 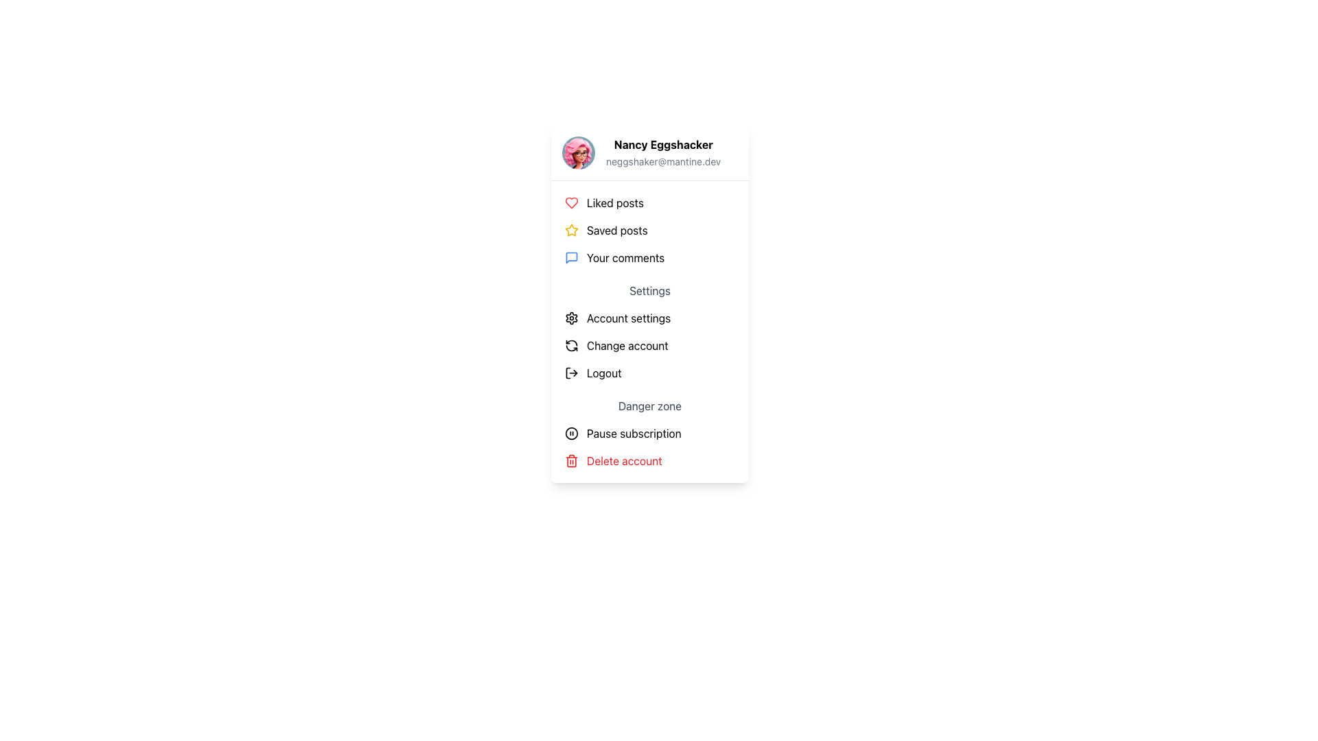 What do you see at coordinates (579, 153) in the screenshot?
I see `the circular user avatar image featuring a character with pink hair and glasses on a blue background, located on the left side above the user's name and email address` at bounding box center [579, 153].